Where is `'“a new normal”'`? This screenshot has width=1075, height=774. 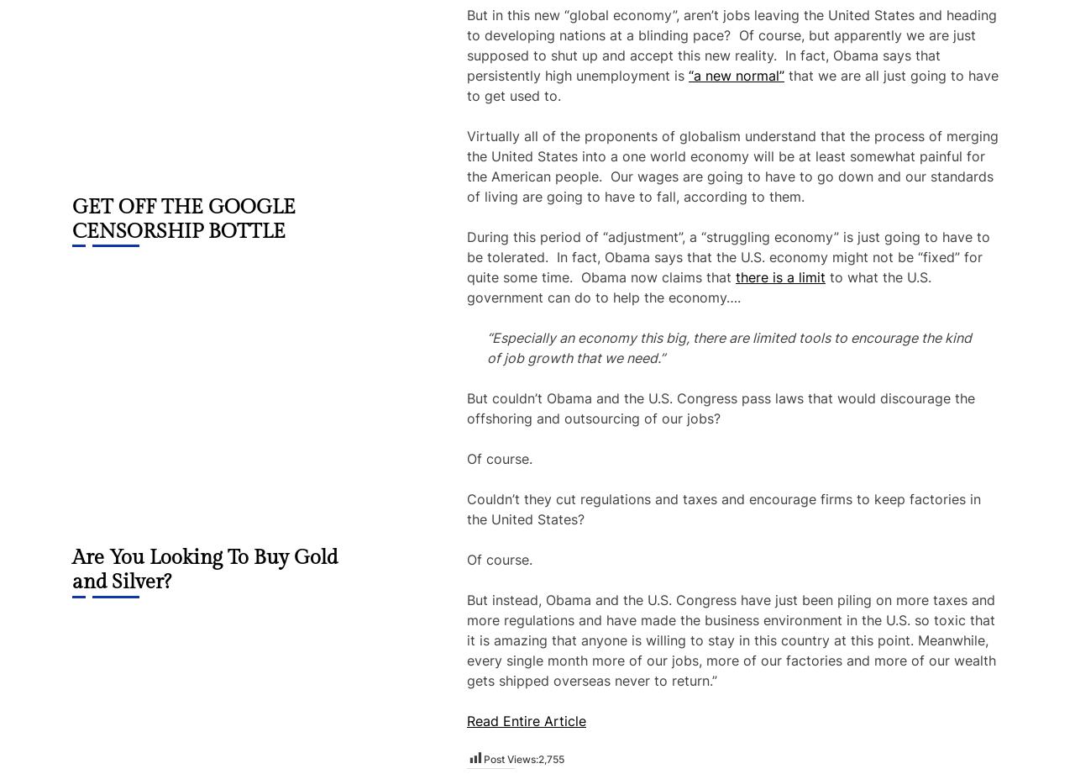 '“a new normal”' is located at coordinates (688, 75).